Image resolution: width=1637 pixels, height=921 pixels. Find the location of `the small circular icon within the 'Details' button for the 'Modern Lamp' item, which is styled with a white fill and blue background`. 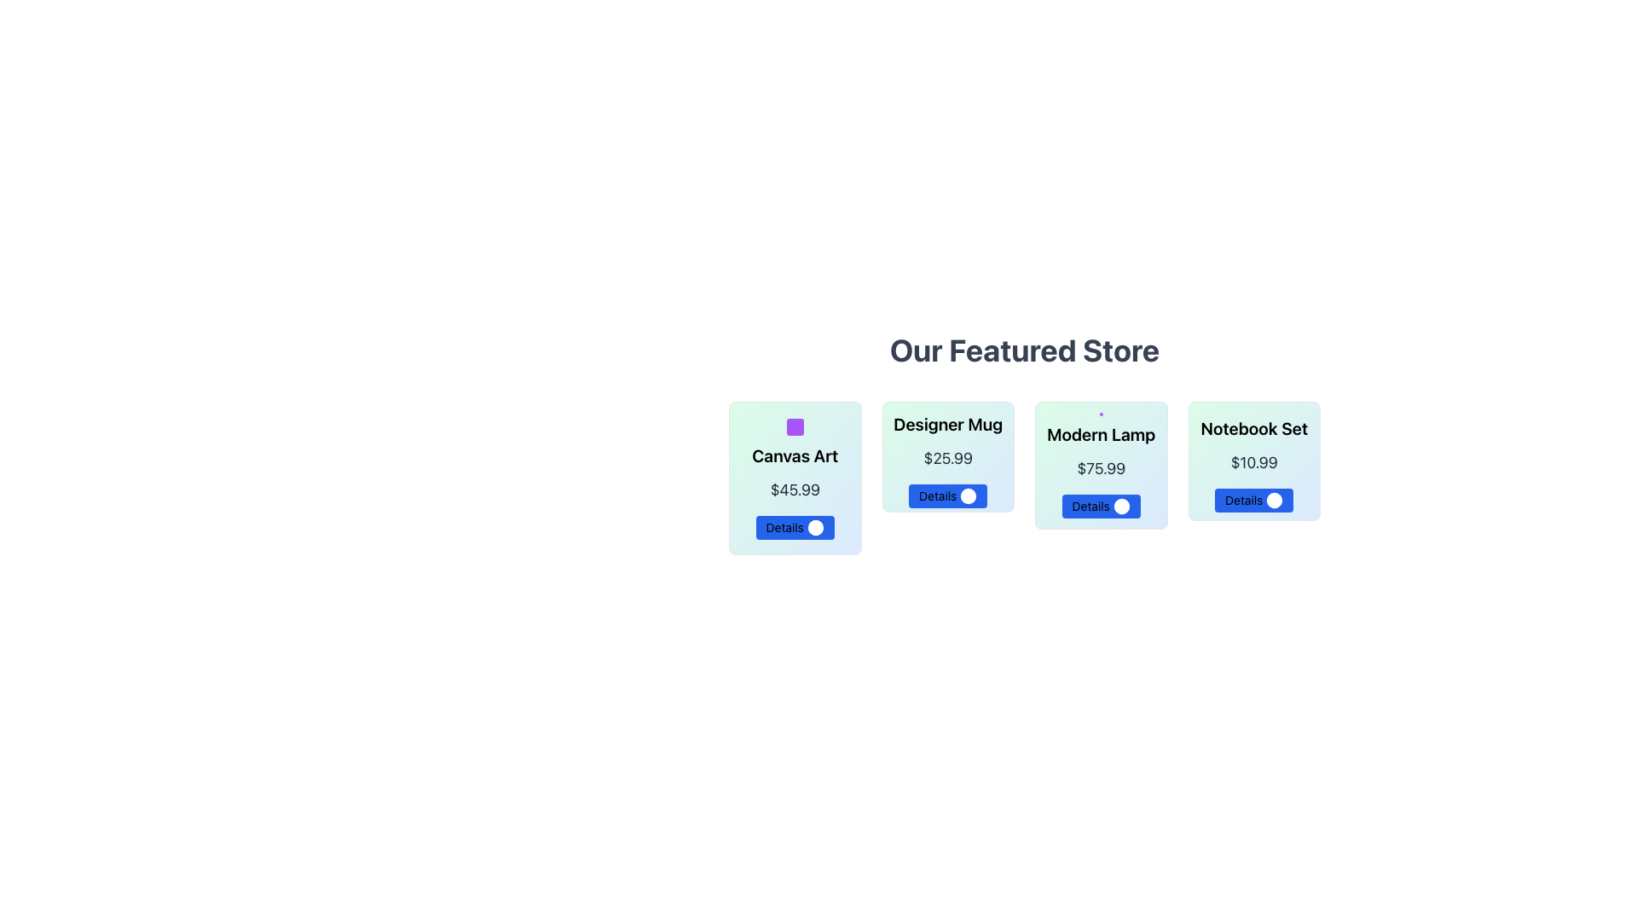

the small circular icon within the 'Details' button for the 'Modern Lamp' item, which is styled with a white fill and blue background is located at coordinates (1121, 506).